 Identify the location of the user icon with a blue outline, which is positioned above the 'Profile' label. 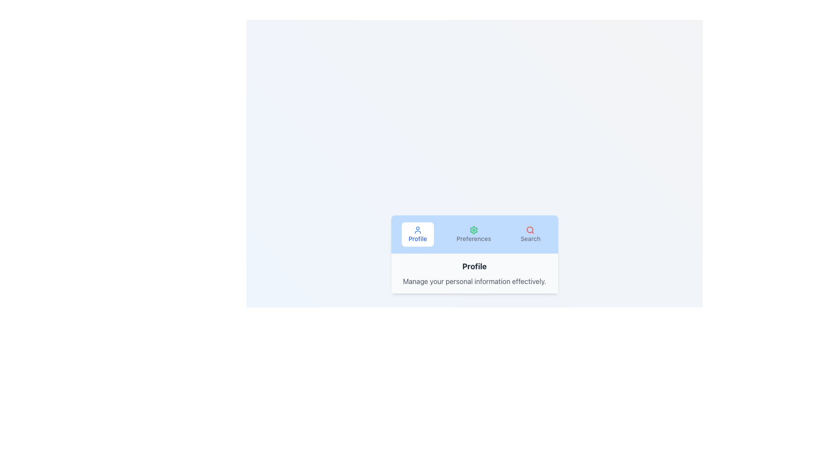
(417, 229).